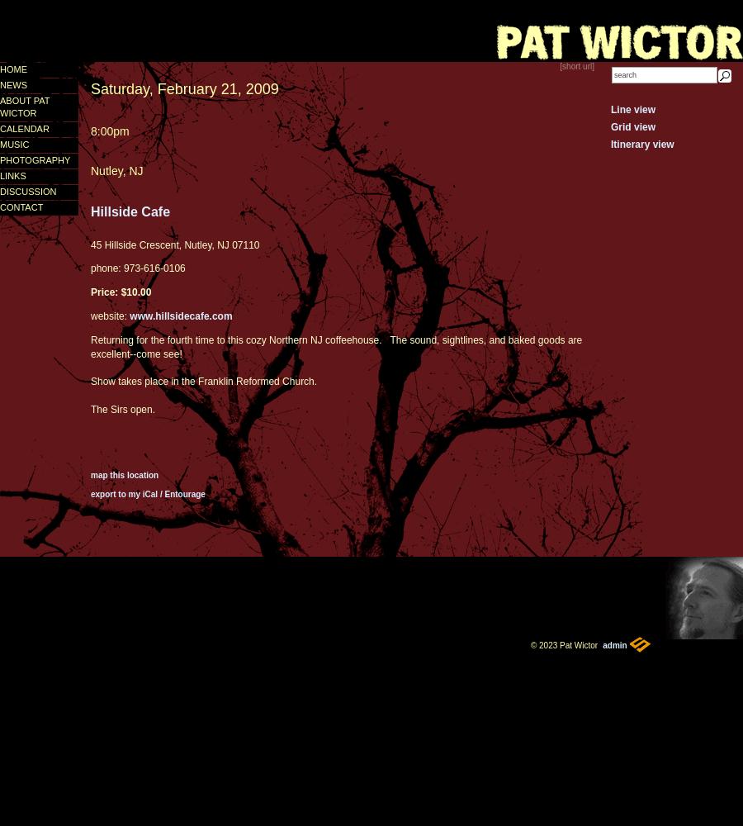 This screenshot has width=743, height=826. Describe the element at coordinates (21, 207) in the screenshot. I see `'contact'` at that location.